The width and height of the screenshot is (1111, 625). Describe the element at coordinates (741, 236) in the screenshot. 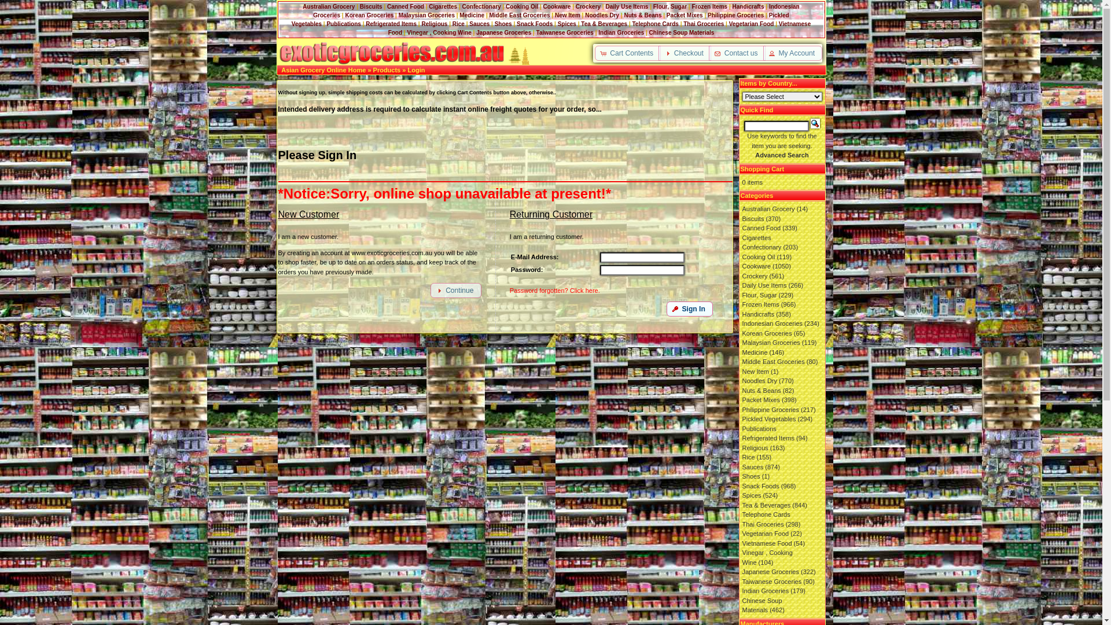

I see `'Cigarettes'` at that location.